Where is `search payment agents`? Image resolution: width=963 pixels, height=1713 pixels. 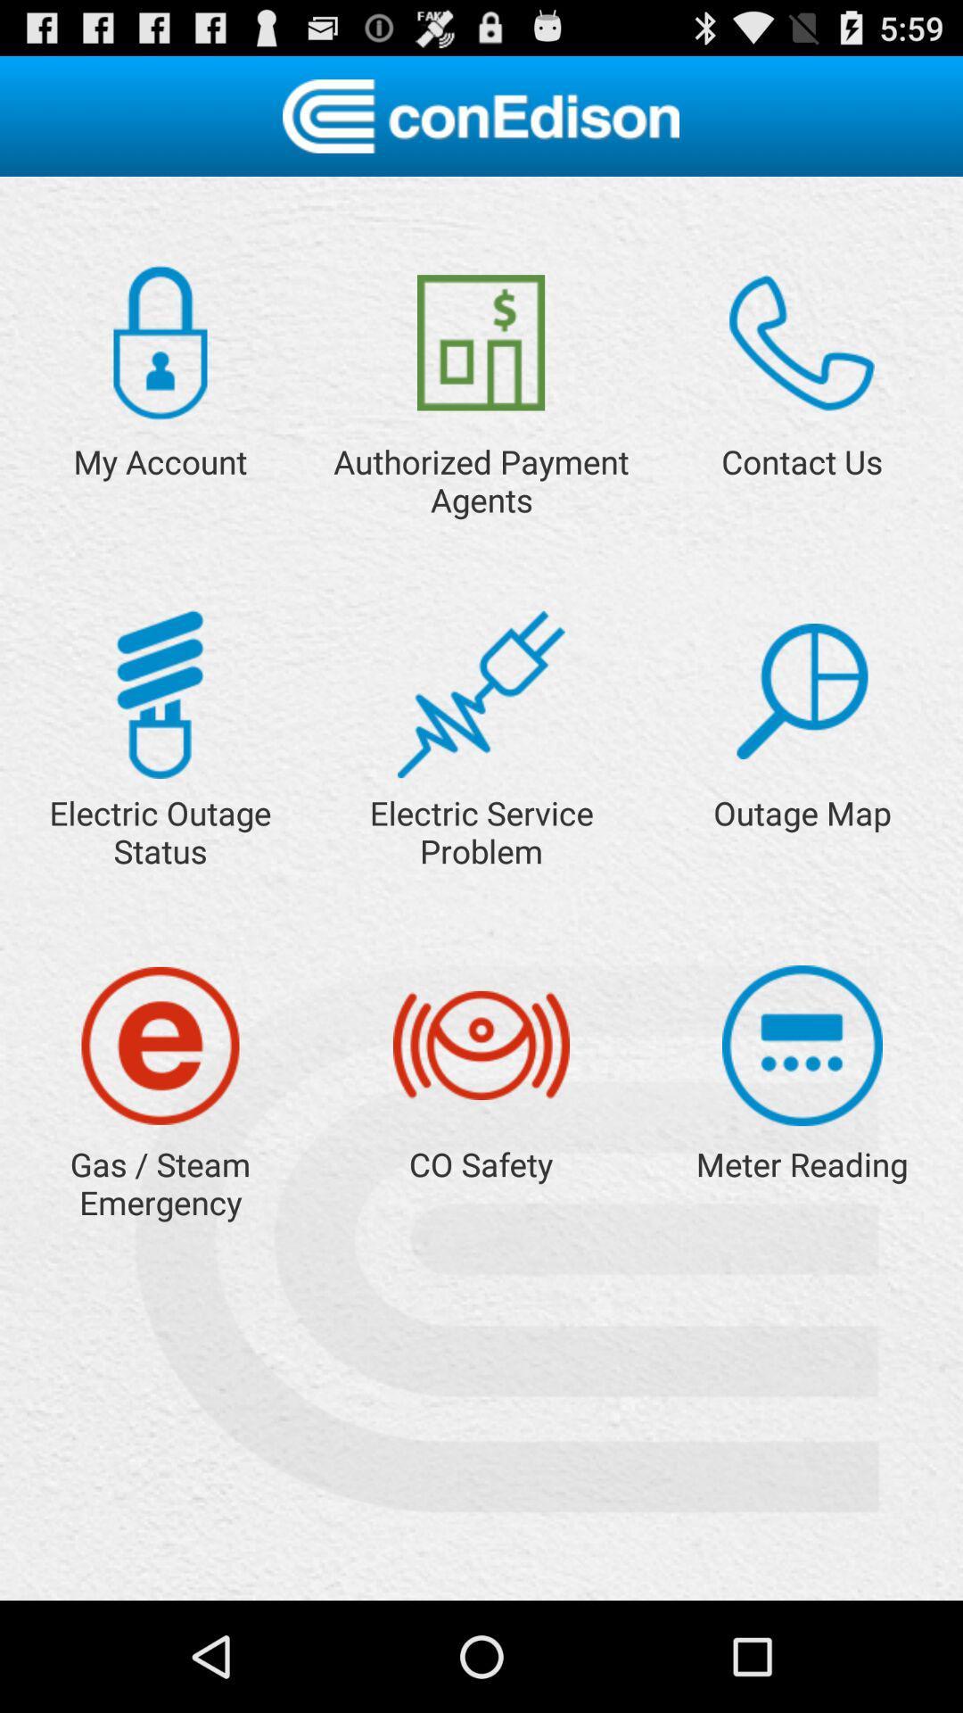 search payment agents is located at coordinates (480, 343).